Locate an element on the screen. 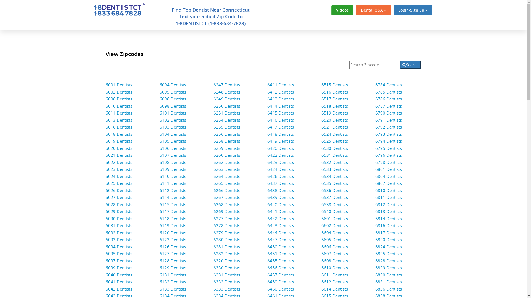 The width and height of the screenshot is (531, 298). '6282 Dentists' is located at coordinates (213, 253).